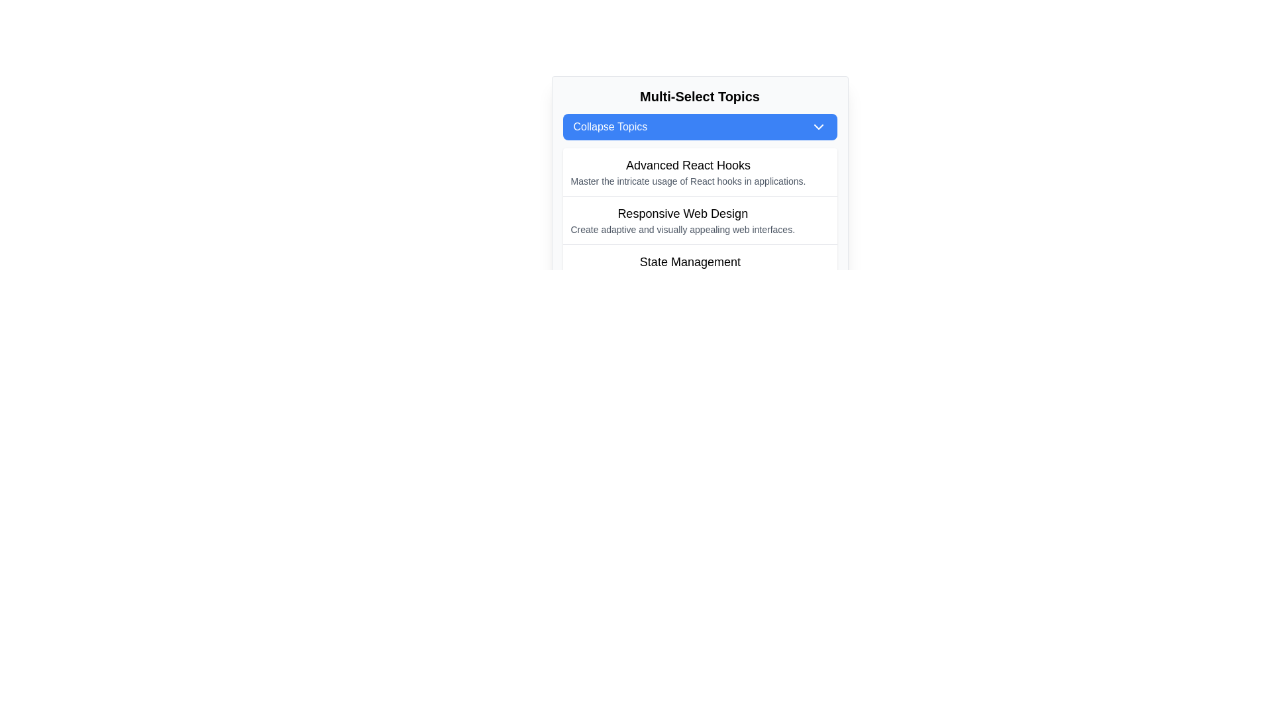 The height and width of the screenshot is (715, 1272). What do you see at coordinates (688, 171) in the screenshot?
I see `the first list item under the 'Multi-Select Topics' section` at bounding box center [688, 171].